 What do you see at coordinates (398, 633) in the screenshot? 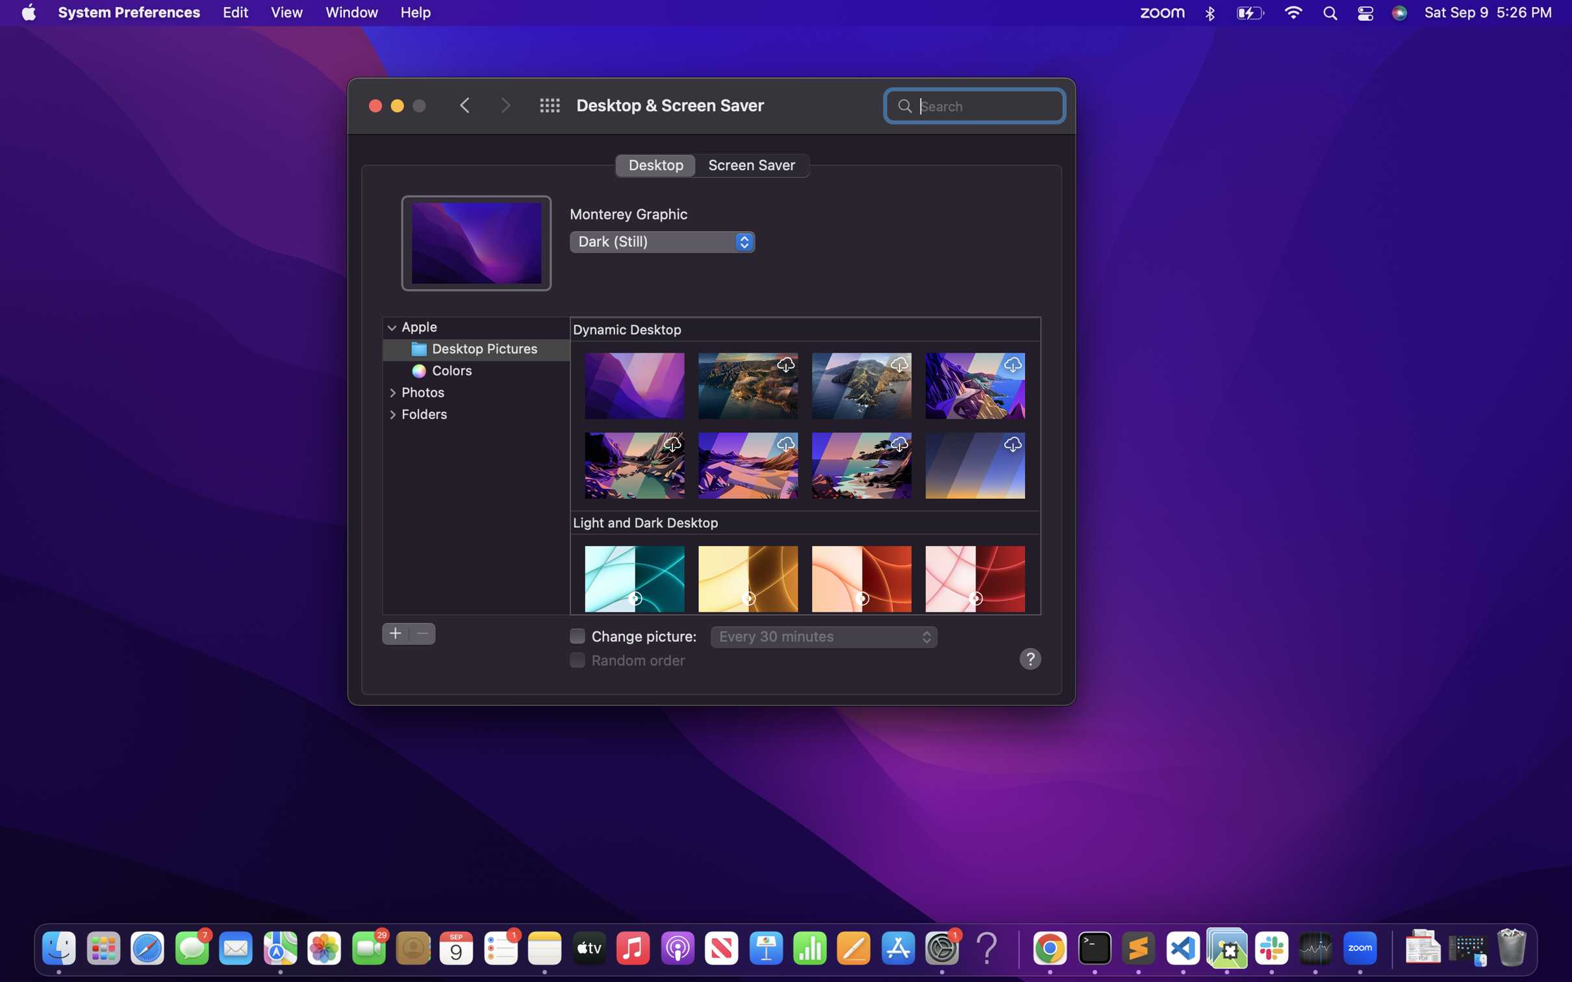
I see `Create a new directory` at bounding box center [398, 633].